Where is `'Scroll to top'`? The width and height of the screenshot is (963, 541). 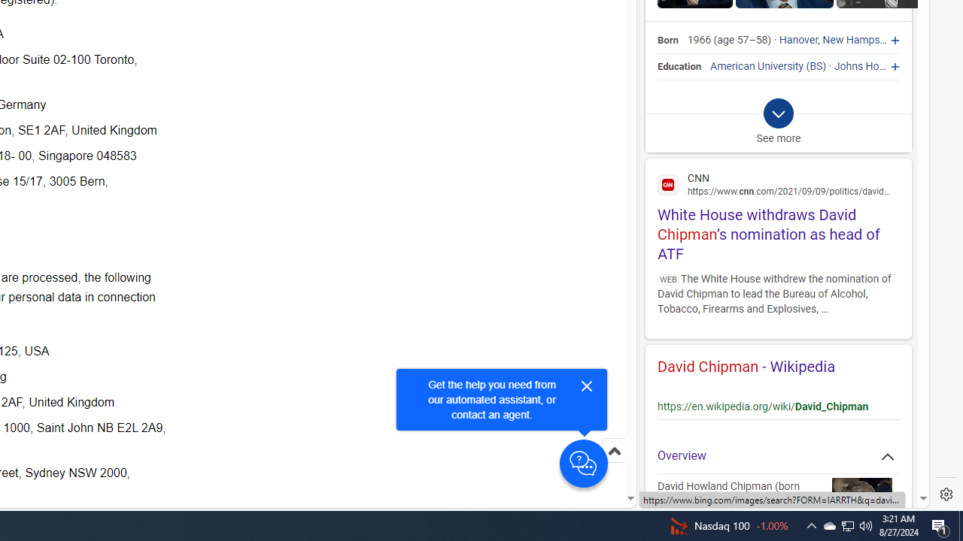 'Scroll to top' is located at coordinates (614, 449).